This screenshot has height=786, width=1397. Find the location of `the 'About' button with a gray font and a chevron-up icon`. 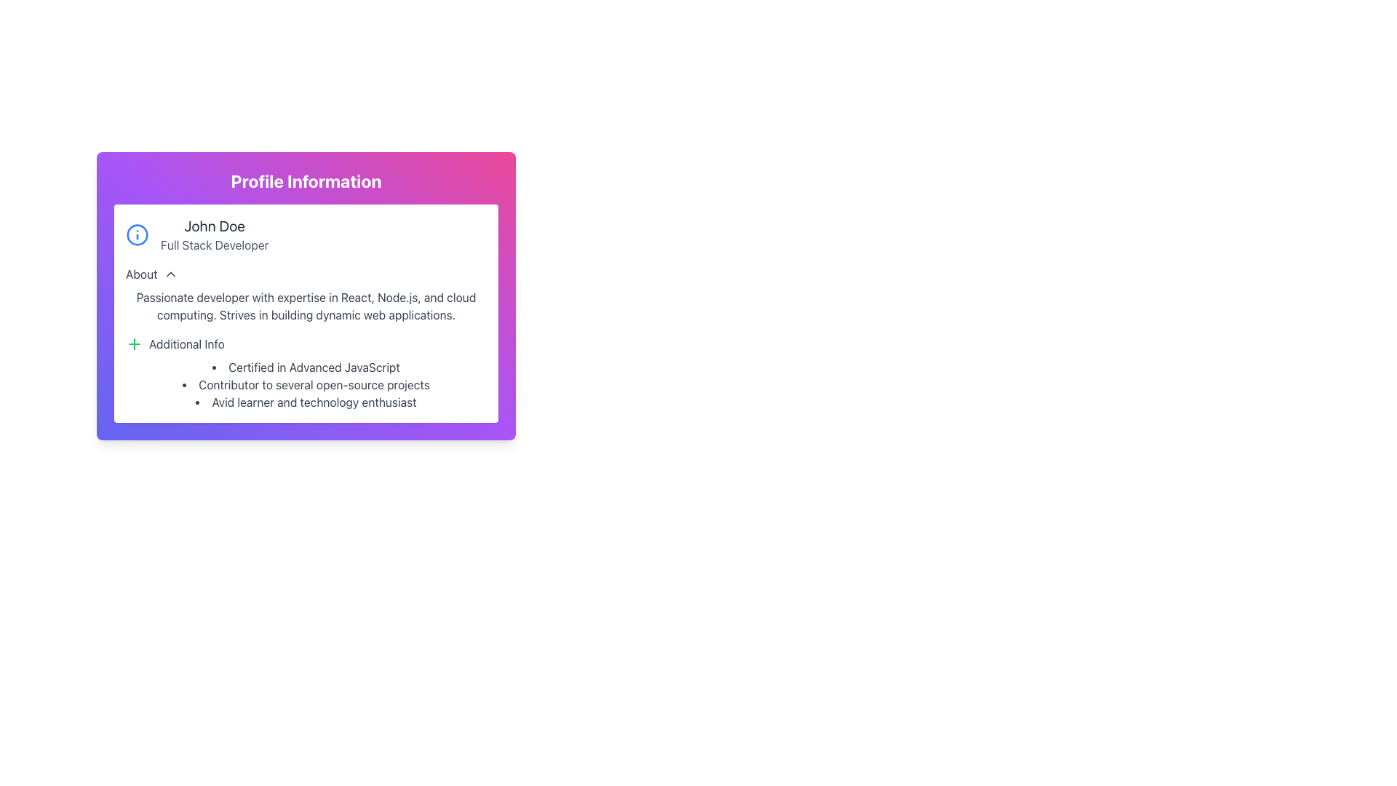

the 'About' button with a gray font and a chevron-up icon is located at coordinates (151, 274).